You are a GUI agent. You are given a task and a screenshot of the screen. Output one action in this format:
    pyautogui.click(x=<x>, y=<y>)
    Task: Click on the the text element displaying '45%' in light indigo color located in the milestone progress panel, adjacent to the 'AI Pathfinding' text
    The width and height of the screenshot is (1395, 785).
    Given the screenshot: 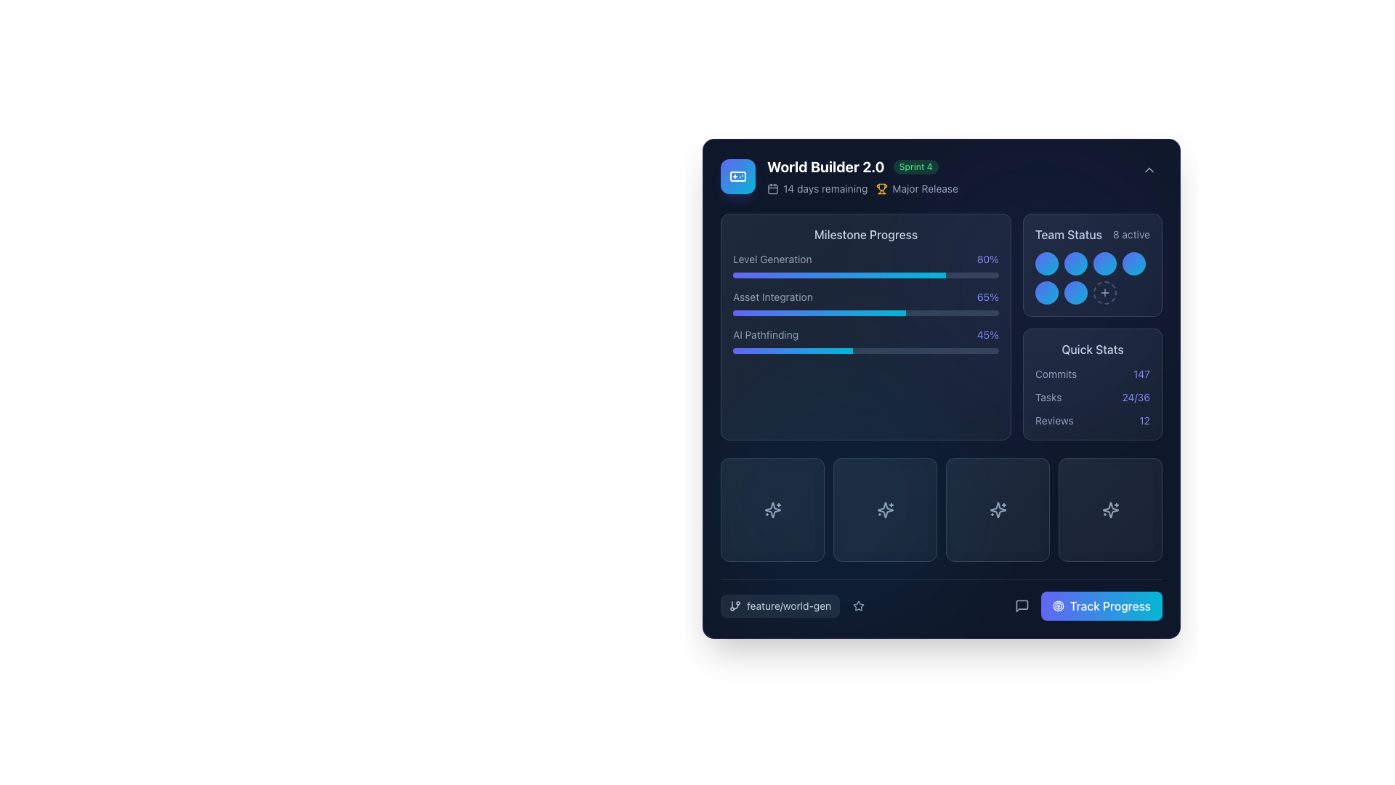 What is the action you would take?
    pyautogui.click(x=987, y=335)
    